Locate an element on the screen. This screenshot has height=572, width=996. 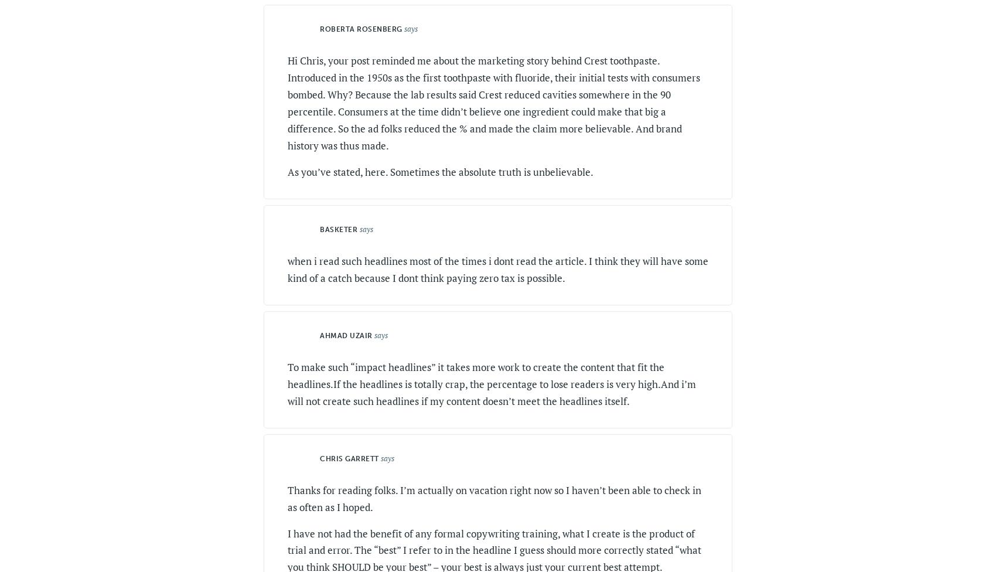
'As you’ve stated, here. Sometimes the absolute truth is unbelievable.' is located at coordinates (440, 171).